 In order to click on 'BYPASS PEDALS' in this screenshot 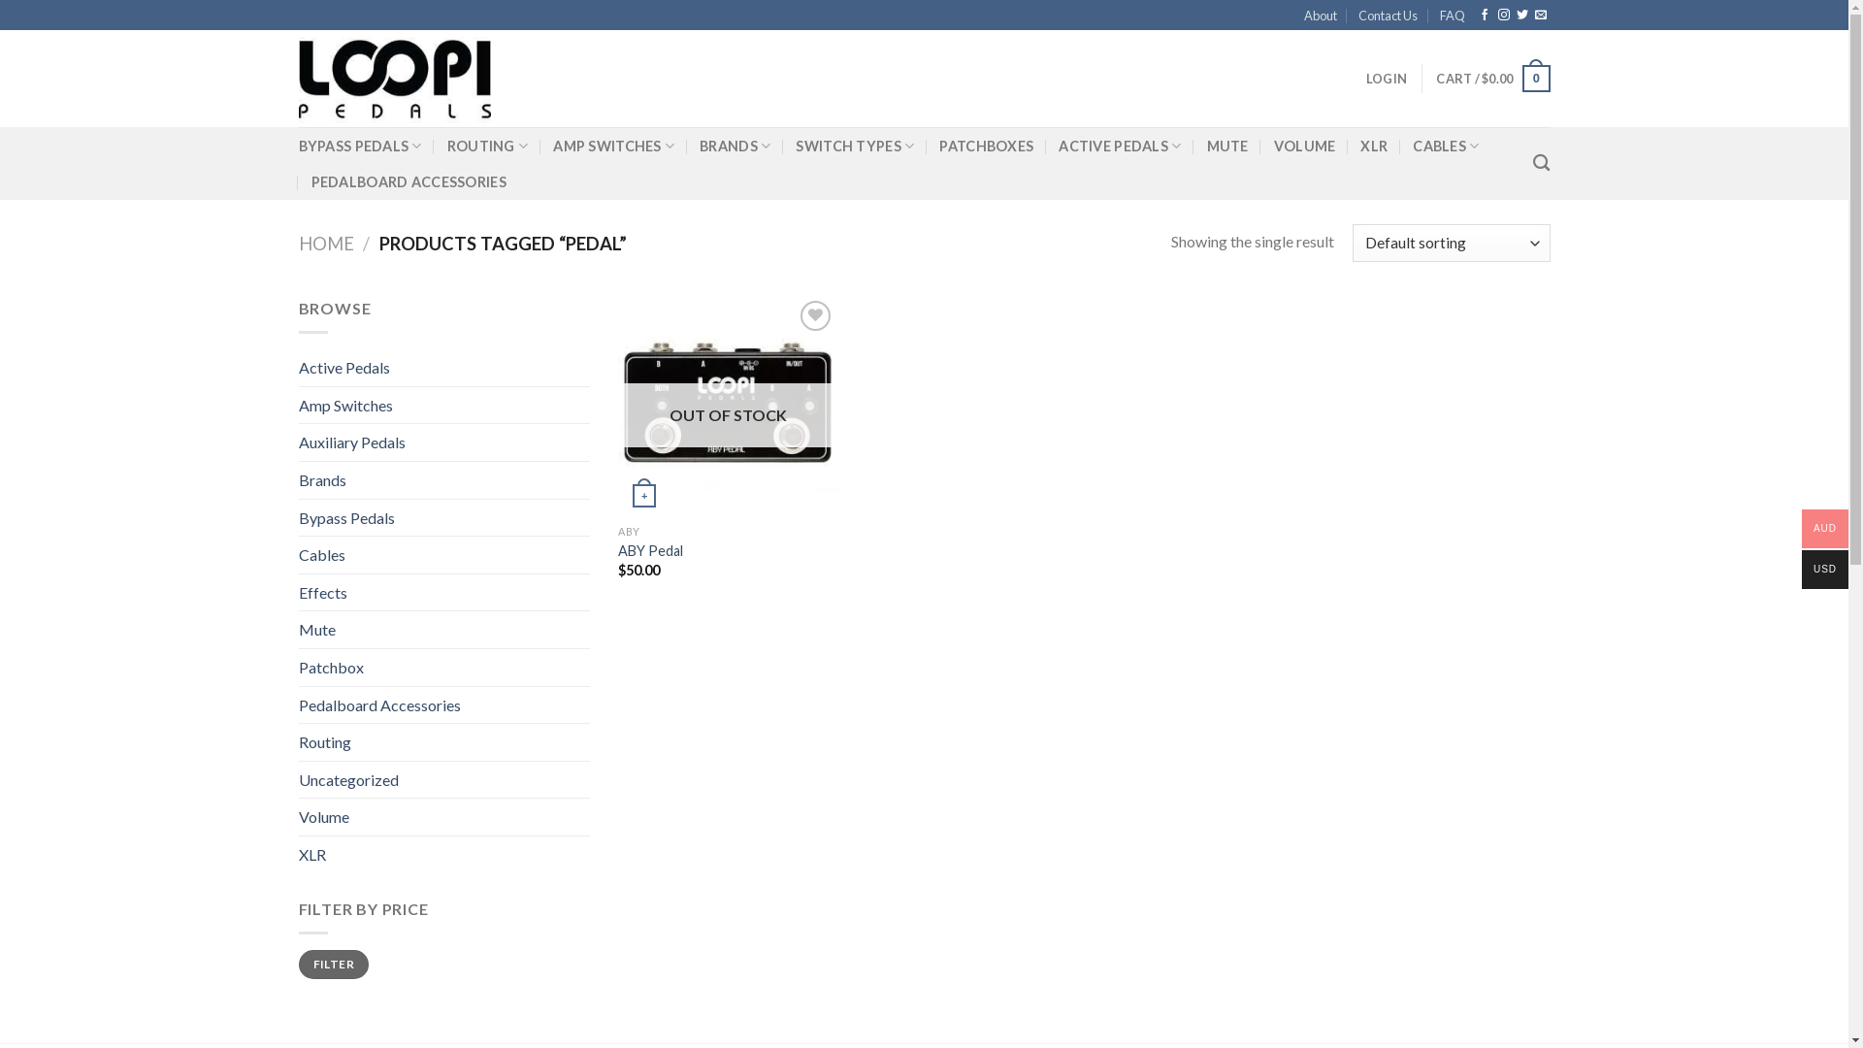, I will do `click(360, 145)`.